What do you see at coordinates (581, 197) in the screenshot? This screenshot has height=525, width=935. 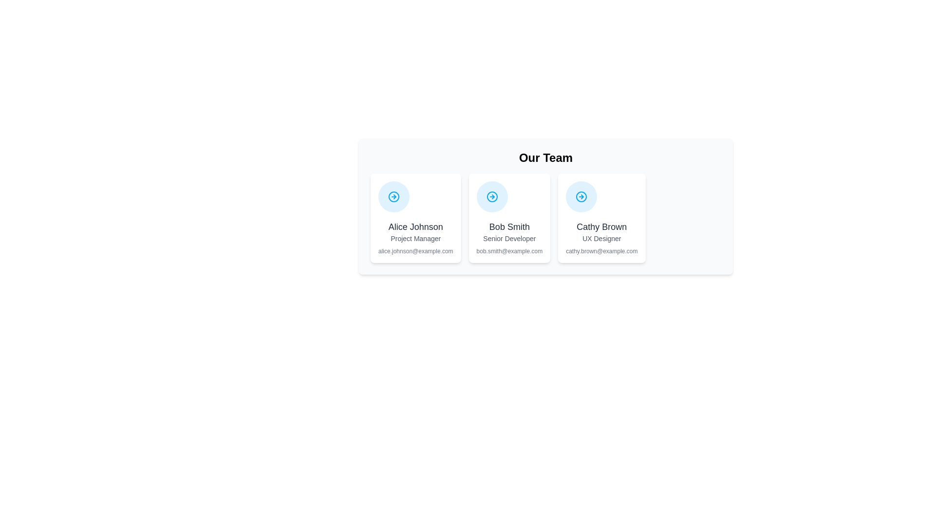 I see `the round icon button with a light blue background and a dark blue arrow icon pointing to the right, located at the top-center of the card representing 'Cathy Brown'` at bounding box center [581, 197].